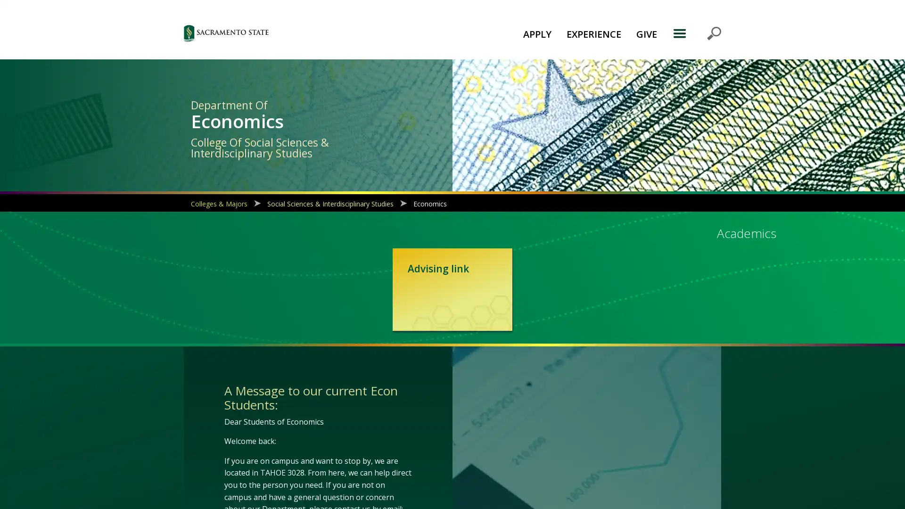 The height and width of the screenshot is (509, 905). What do you see at coordinates (646, 33) in the screenshot?
I see `GIVE` at bounding box center [646, 33].